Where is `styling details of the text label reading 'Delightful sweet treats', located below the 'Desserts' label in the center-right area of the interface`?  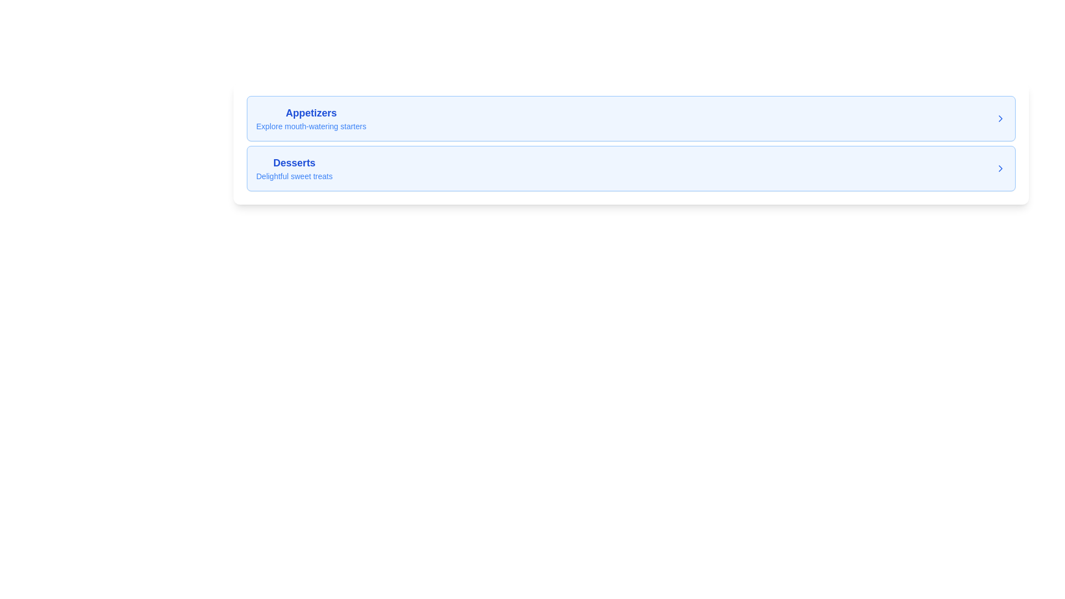
styling details of the text label reading 'Delightful sweet treats', located below the 'Desserts' label in the center-right area of the interface is located at coordinates (294, 175).